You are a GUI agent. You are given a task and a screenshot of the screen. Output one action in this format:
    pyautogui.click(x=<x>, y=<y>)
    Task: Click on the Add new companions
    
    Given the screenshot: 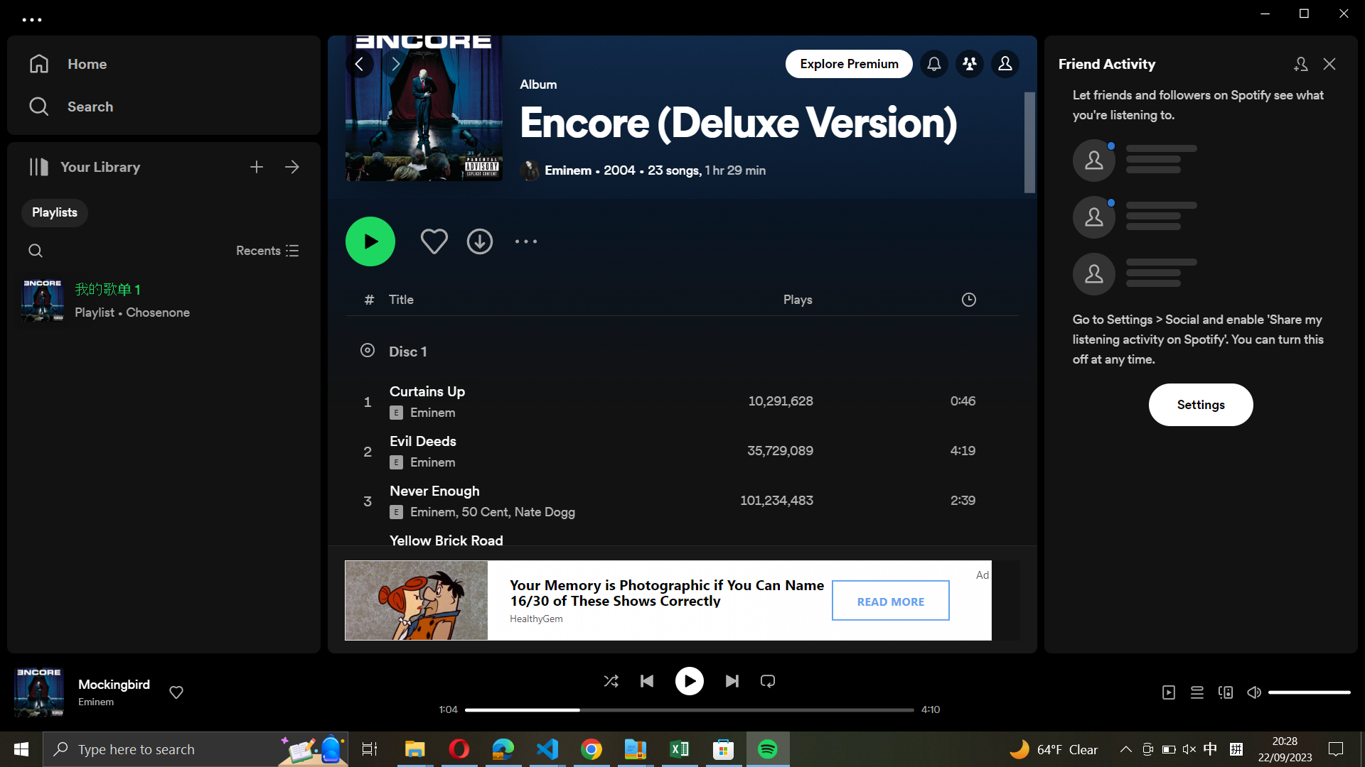 What is the action you would take?
    pyautogui.click(x=1300, y=62)
    